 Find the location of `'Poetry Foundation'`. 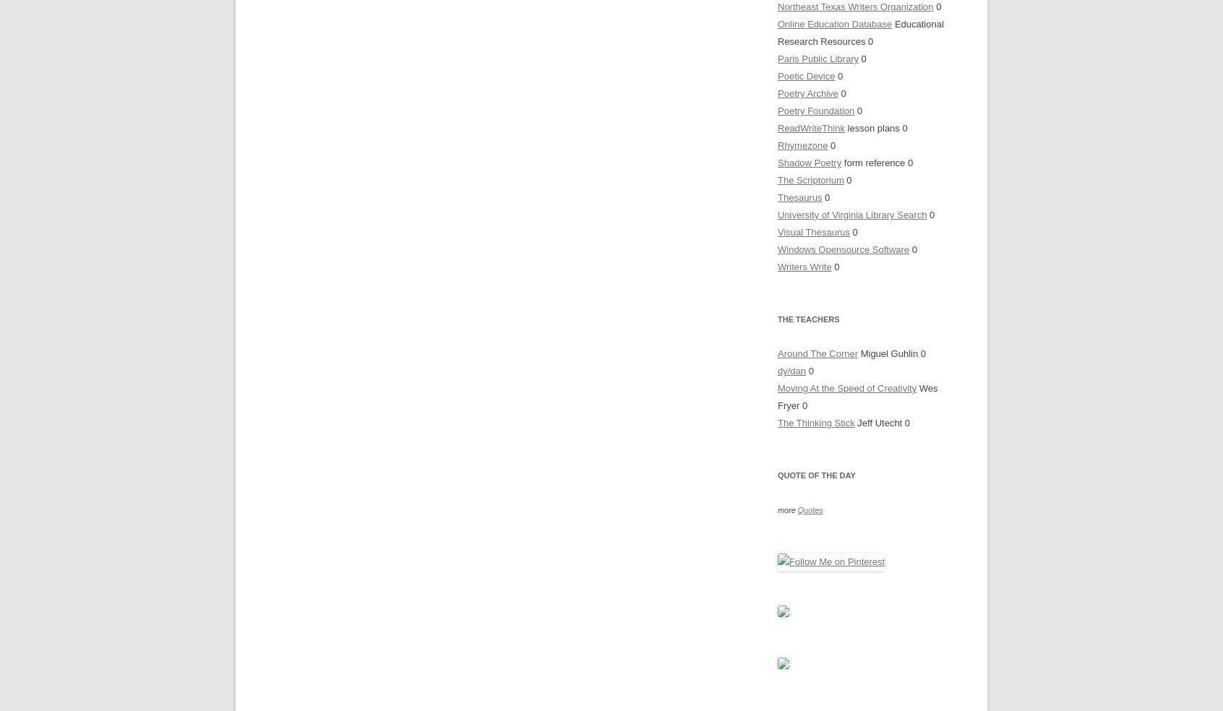

'Poetry Foundation' is located at coordinates (777, 111).